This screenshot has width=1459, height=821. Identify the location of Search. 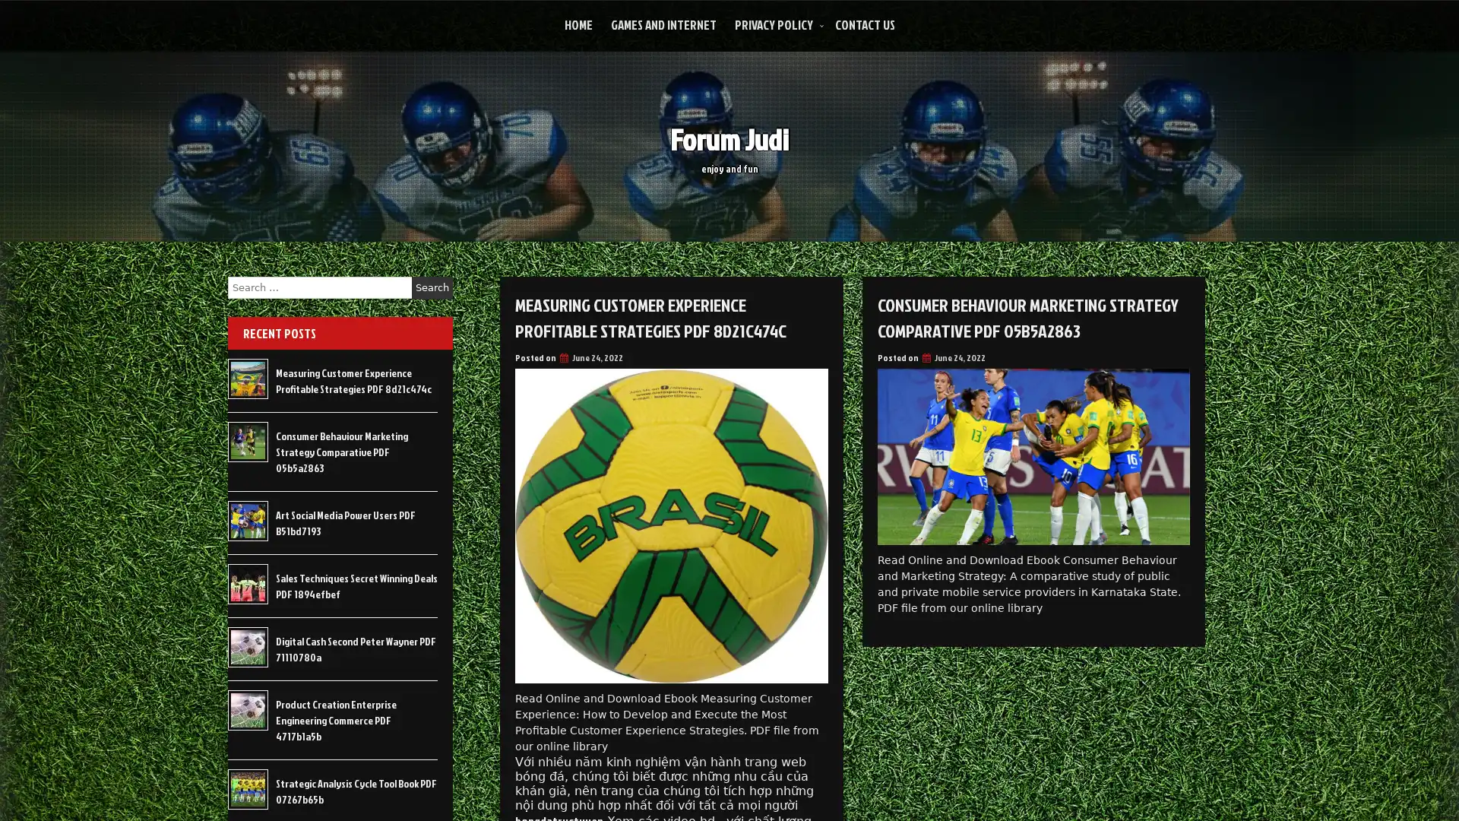
(432, 287).